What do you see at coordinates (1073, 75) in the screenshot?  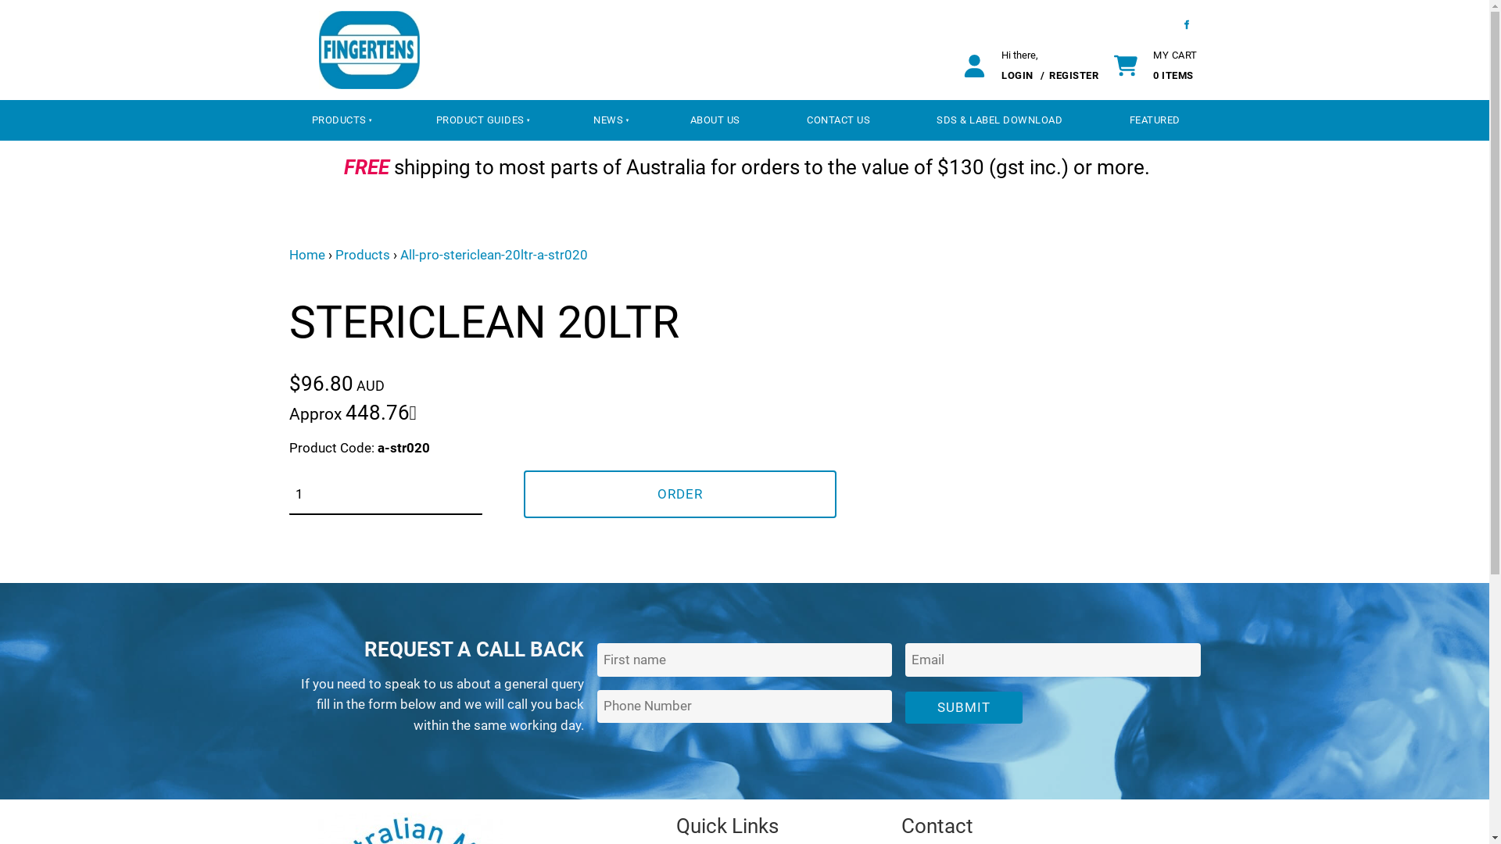 I see `'REGISTER'` at bounding box center [1073, 75].